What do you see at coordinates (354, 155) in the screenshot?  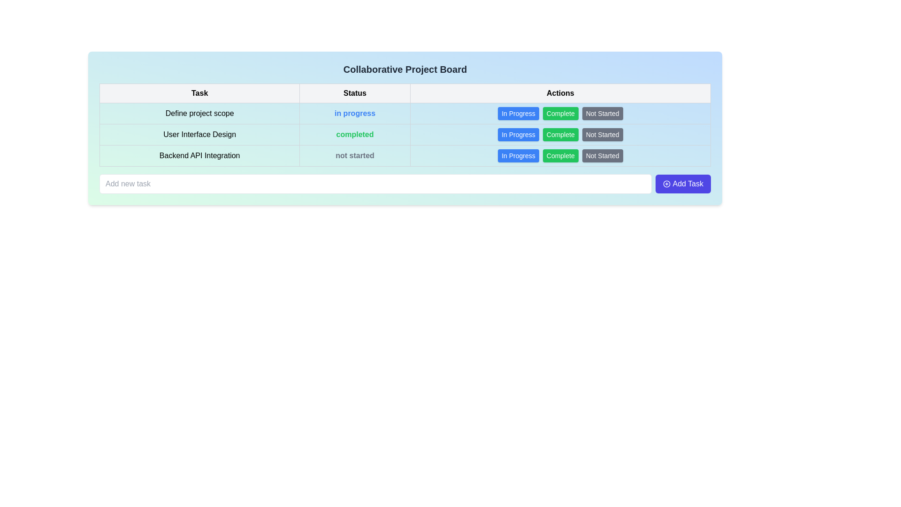 I see `the static text label displaying 'not started' in gray, bold sans-serif font, located in the middle column under the 'Status' header for the task 'Backend API Integration'` at bounding box center [354, 155].